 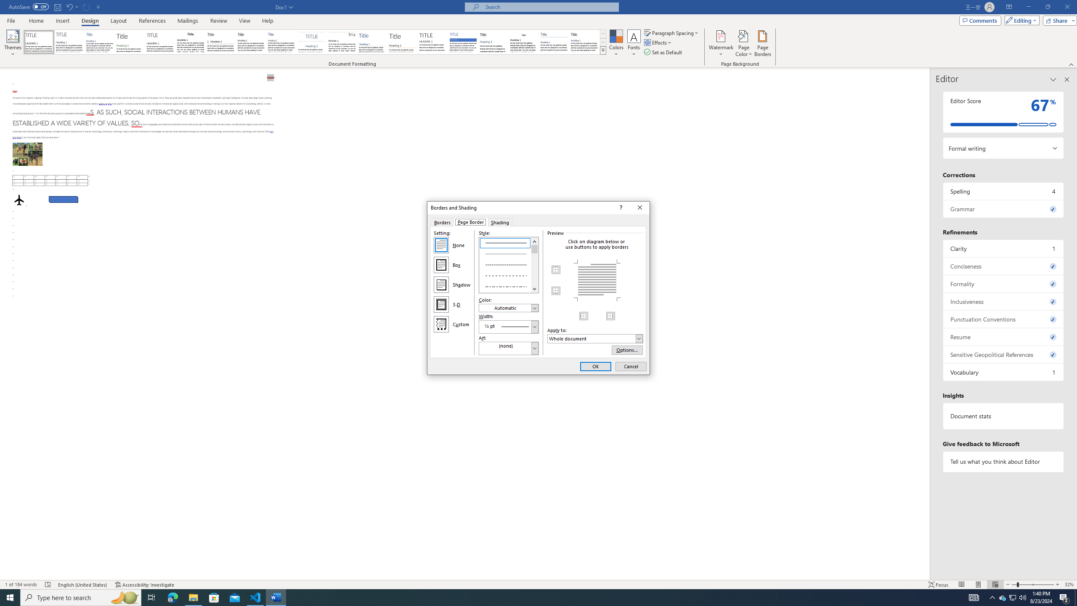 I want to click on 'AutomationID: QuickStylesSets', so click(x=314, y=42).